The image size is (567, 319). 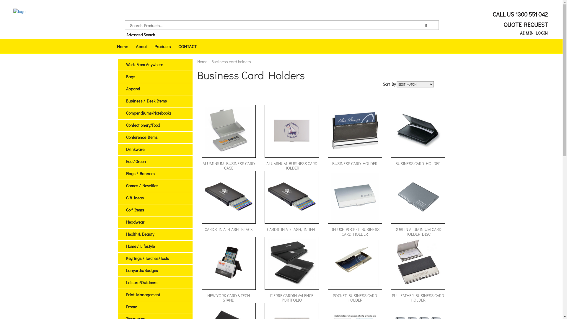 What do you see at coordinates (418, 138) in the screenshot?
I see `'BUSINESS CARD HOLDER'` at bounding box center [418, 138].